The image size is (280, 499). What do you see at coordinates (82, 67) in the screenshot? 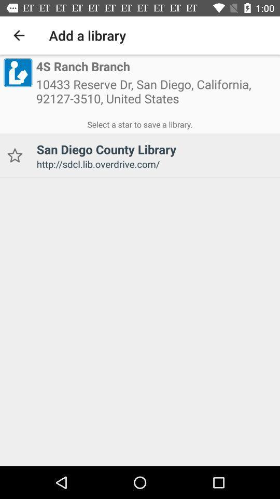
I see `the item above the 10433 reserve dr item` at bounding box center [82, 67].